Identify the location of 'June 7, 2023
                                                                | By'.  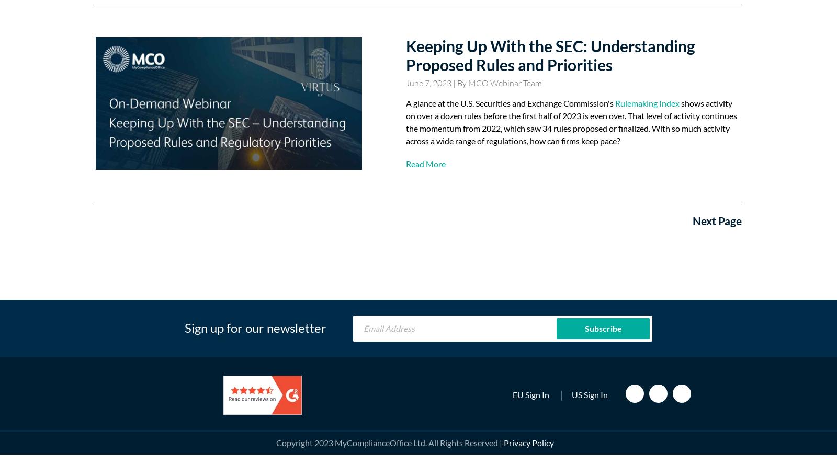
(436, 83).